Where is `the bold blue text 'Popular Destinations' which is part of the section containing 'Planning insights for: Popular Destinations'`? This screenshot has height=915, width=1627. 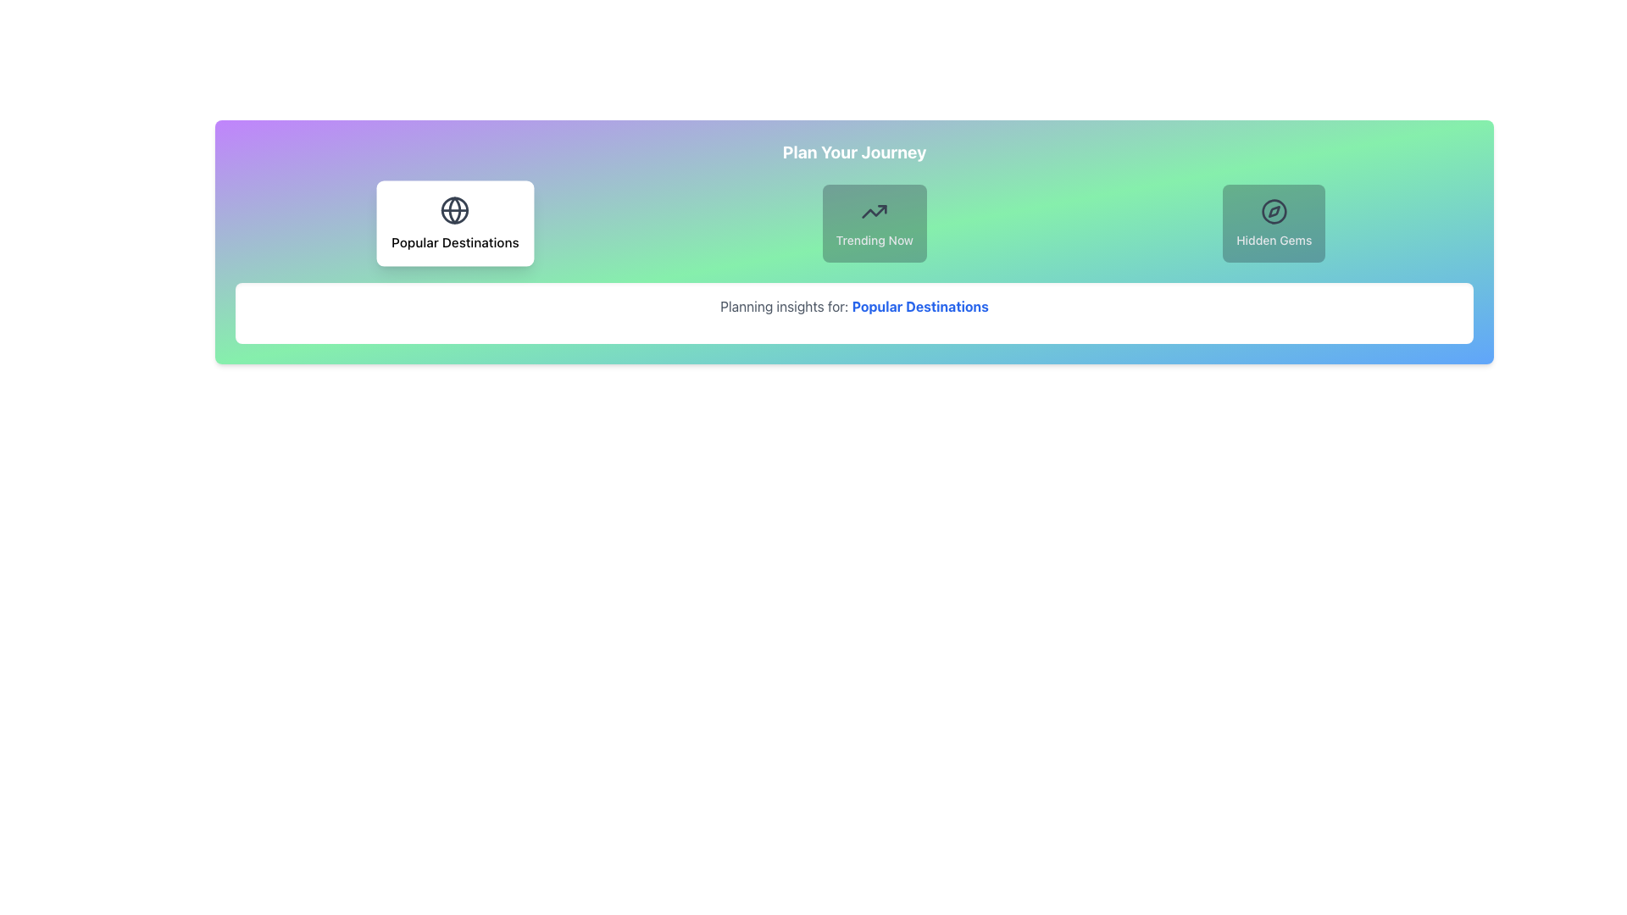 the bold blue text 'Popular Destinations' which is part of the section containing 'Planning insights for: Popular Destinations' is located at coordinates (919, 307).